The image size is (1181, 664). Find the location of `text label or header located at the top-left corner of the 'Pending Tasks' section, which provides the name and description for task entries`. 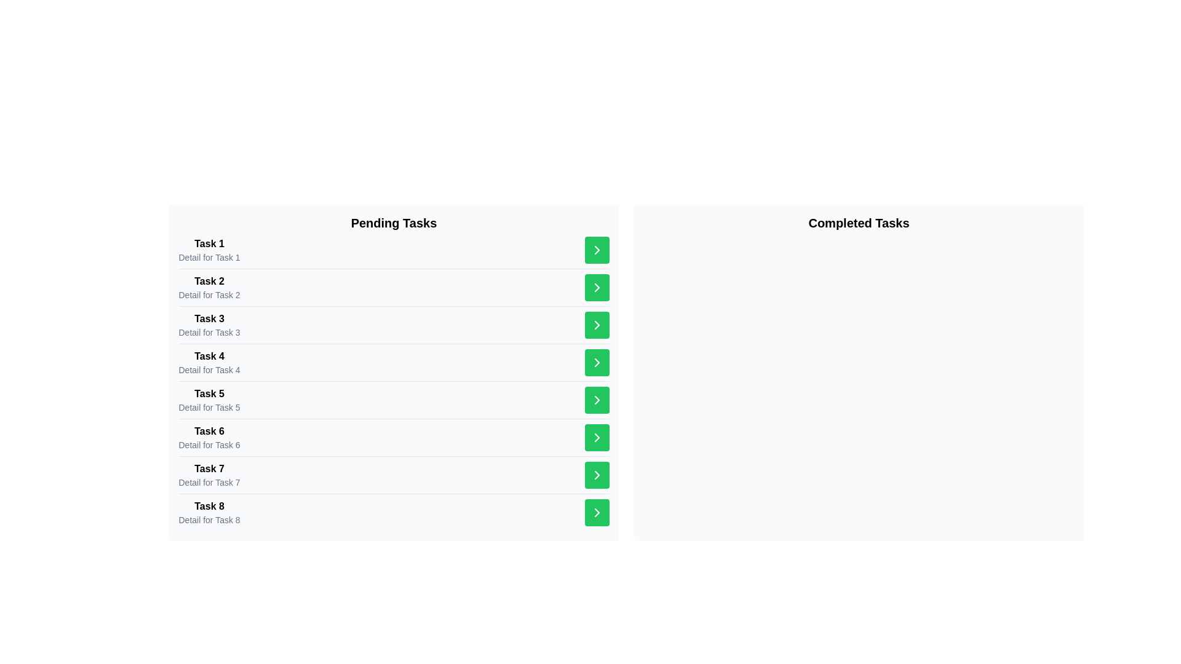

text label or header located at the top-left corner of the 'Pending Tasks' section, which provides the name and description for task entries is located at coordinates (209, 250).